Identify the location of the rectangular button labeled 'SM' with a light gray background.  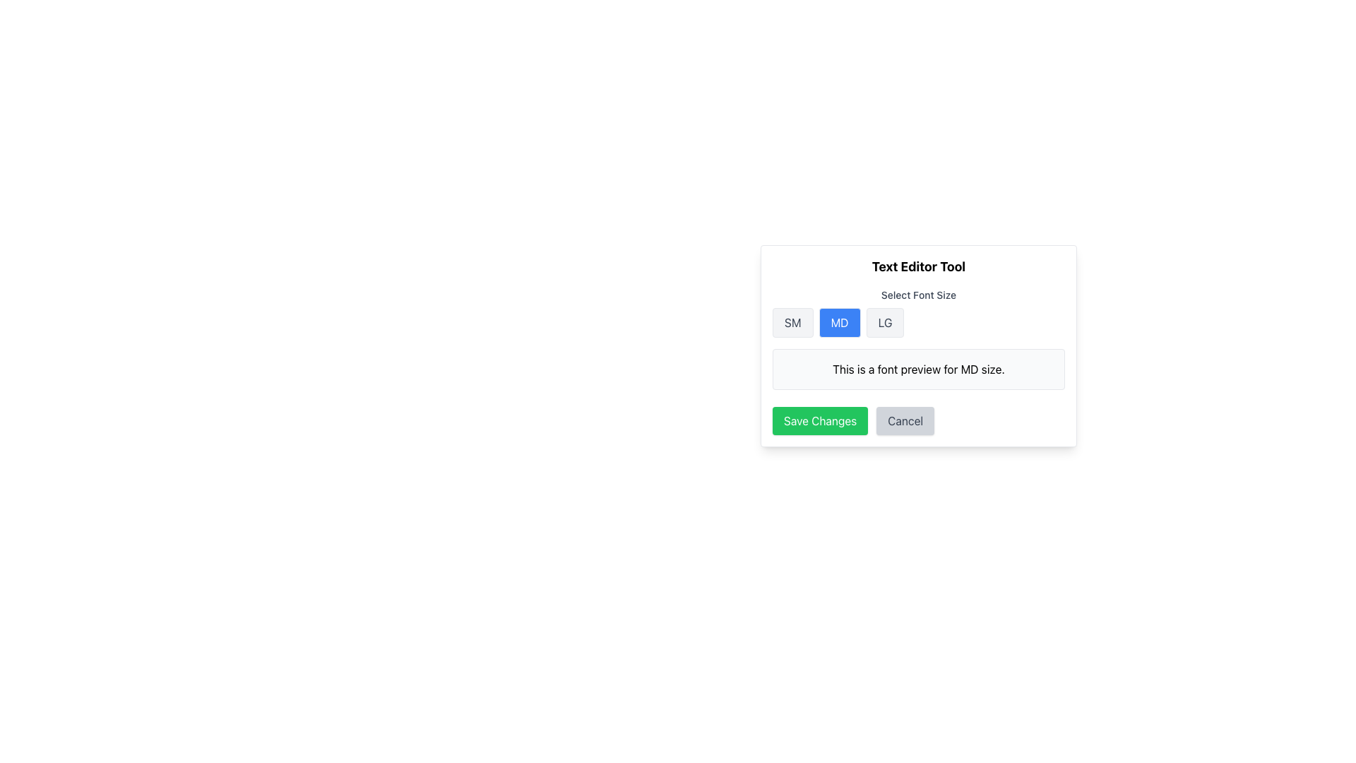
(792, 322).